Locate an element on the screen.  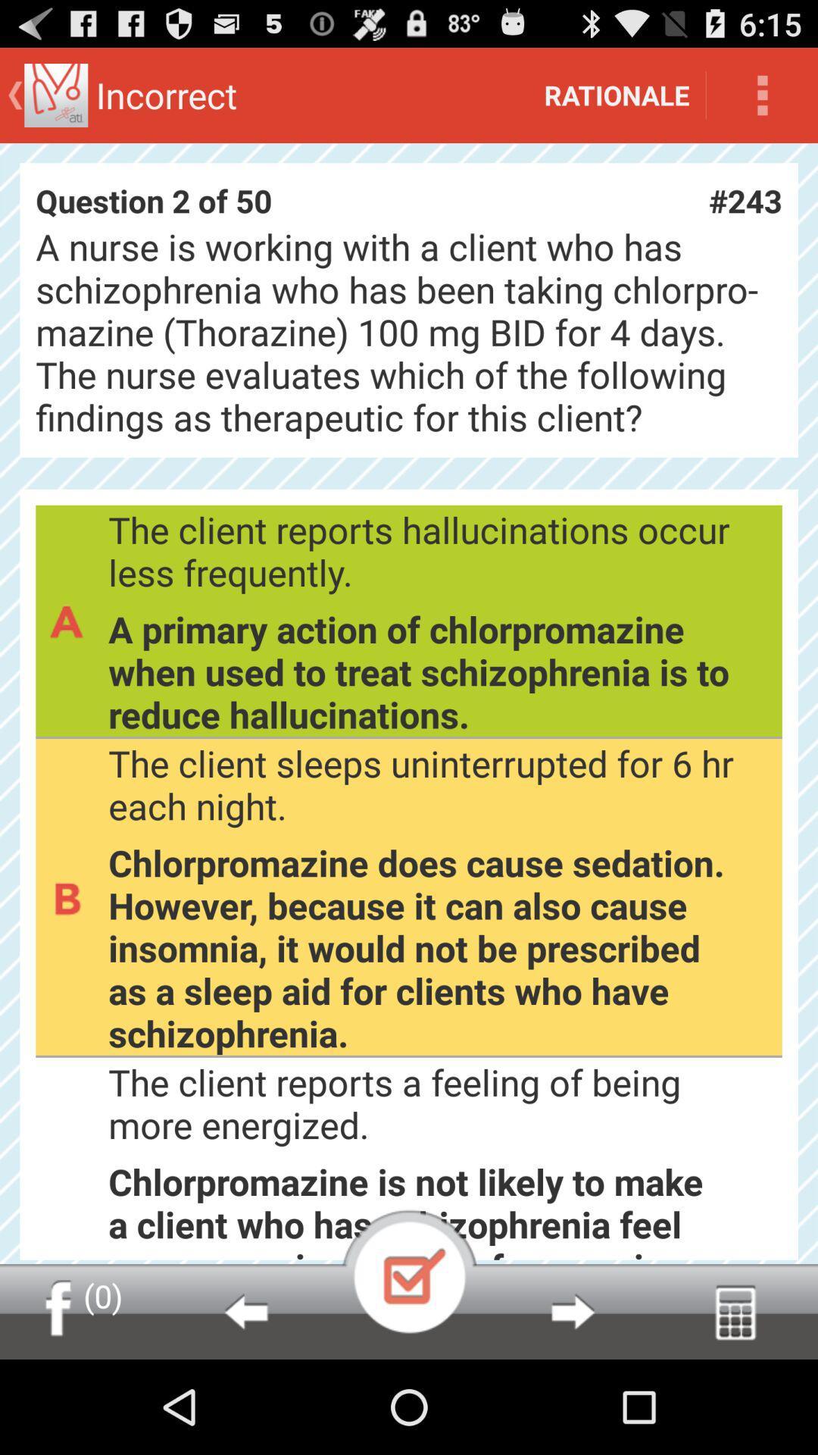
go ahead is located at coordinates (573, 1311).